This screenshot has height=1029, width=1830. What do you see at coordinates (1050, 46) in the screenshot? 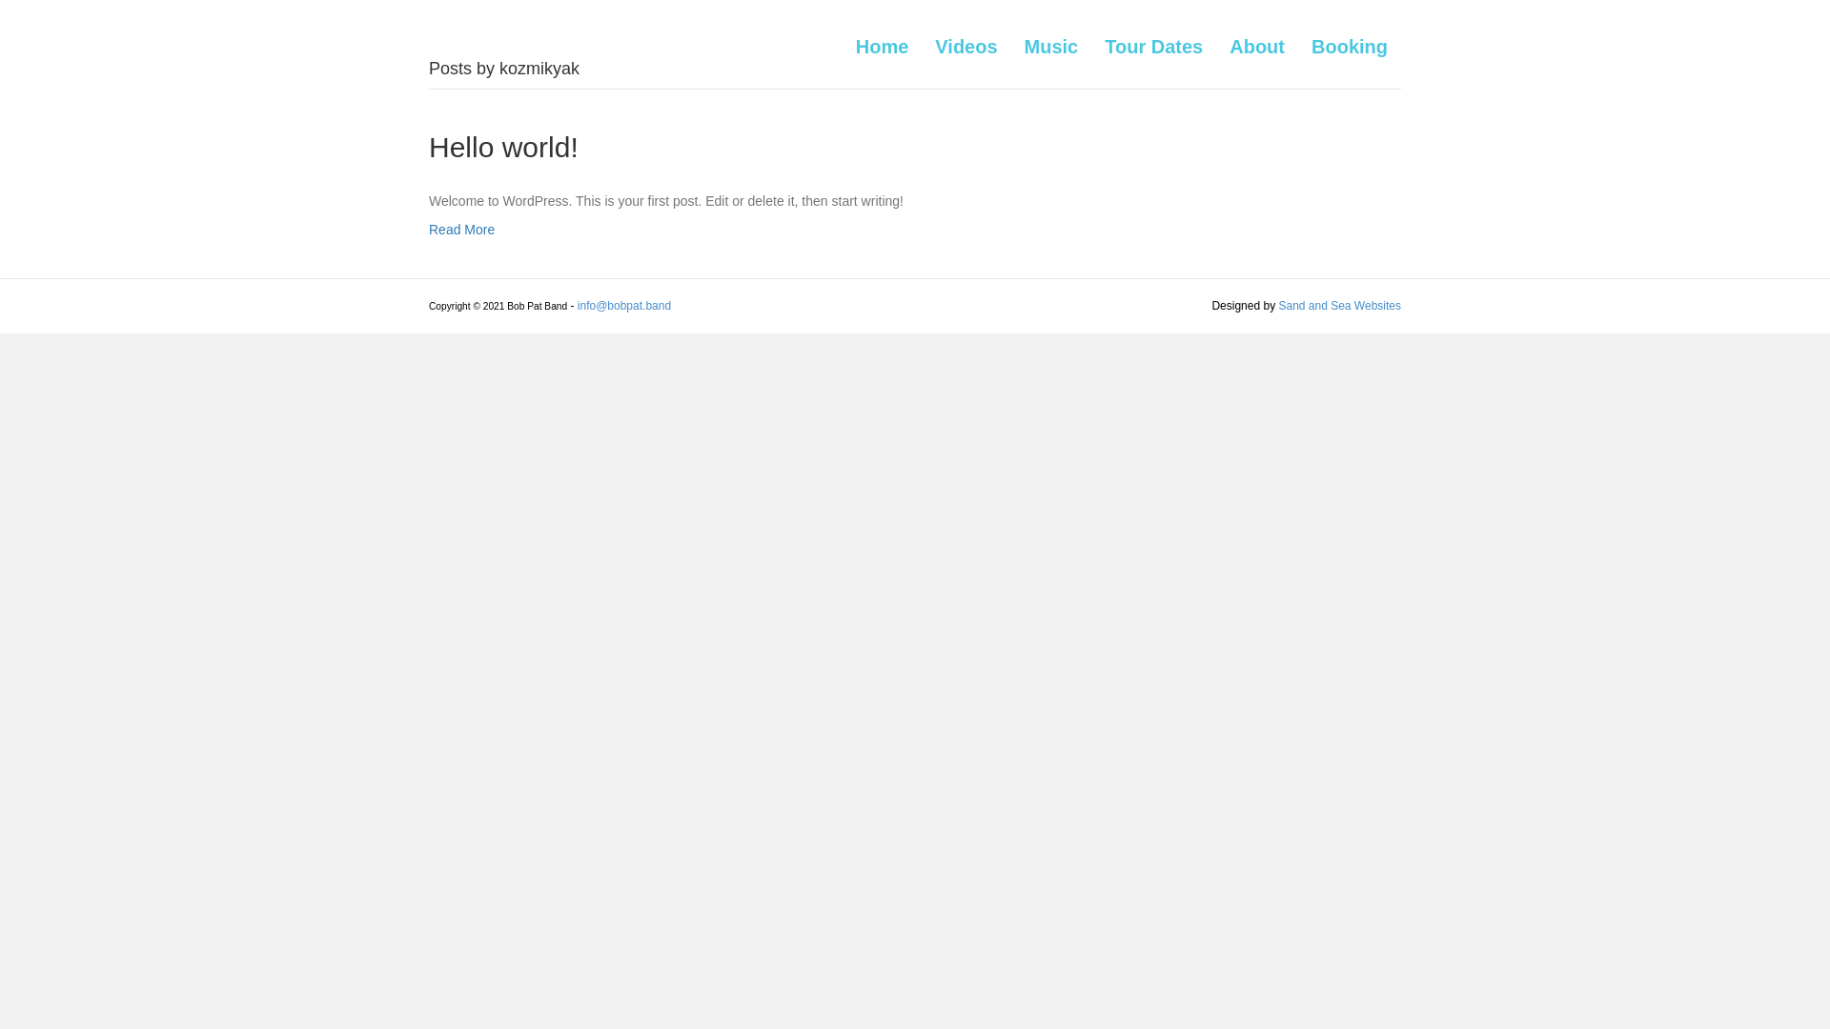
I see `'Music'` at bounding box center [1050, 46].